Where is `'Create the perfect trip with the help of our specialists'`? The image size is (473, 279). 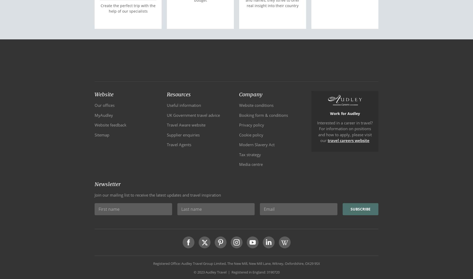
'Create the perfect trip with the help of our specialists' is located at coordinates (128, 8).